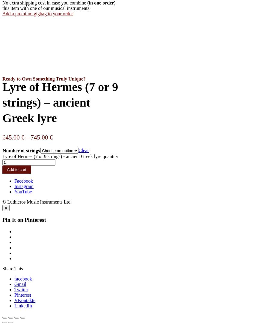 The image size is (272, 323). What do you see at coordinates (16, 169) in the screenshot?
I see `'Add to cart'` at bounding box center [16, 169].